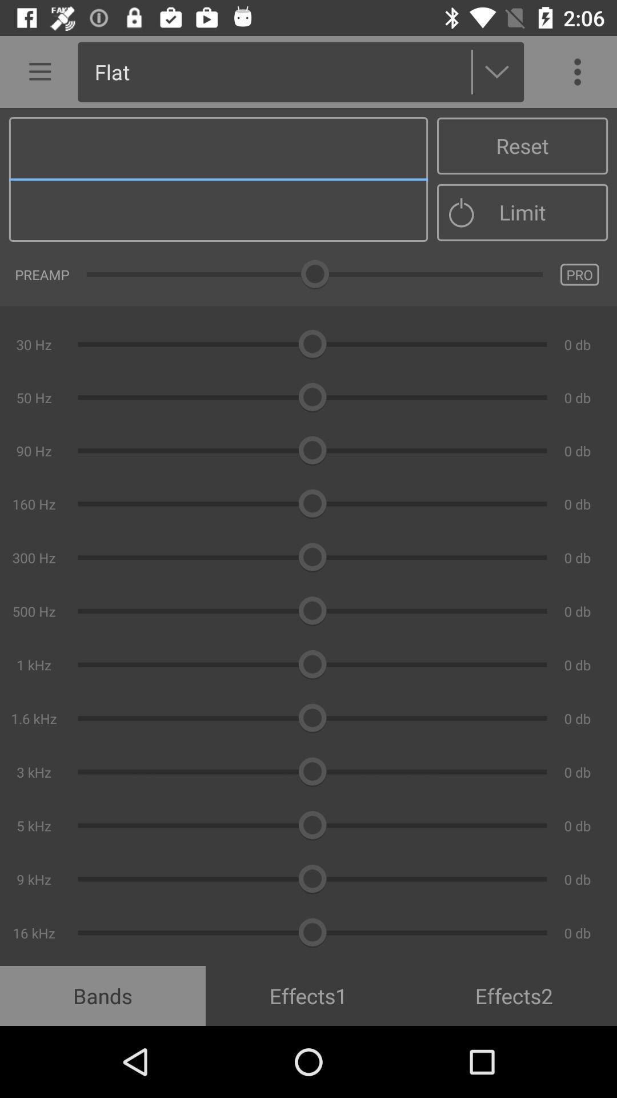  Describe the element at coordinates (35, 71) in the screenshot. I see `the icon to the left of the flat icon` at that location.